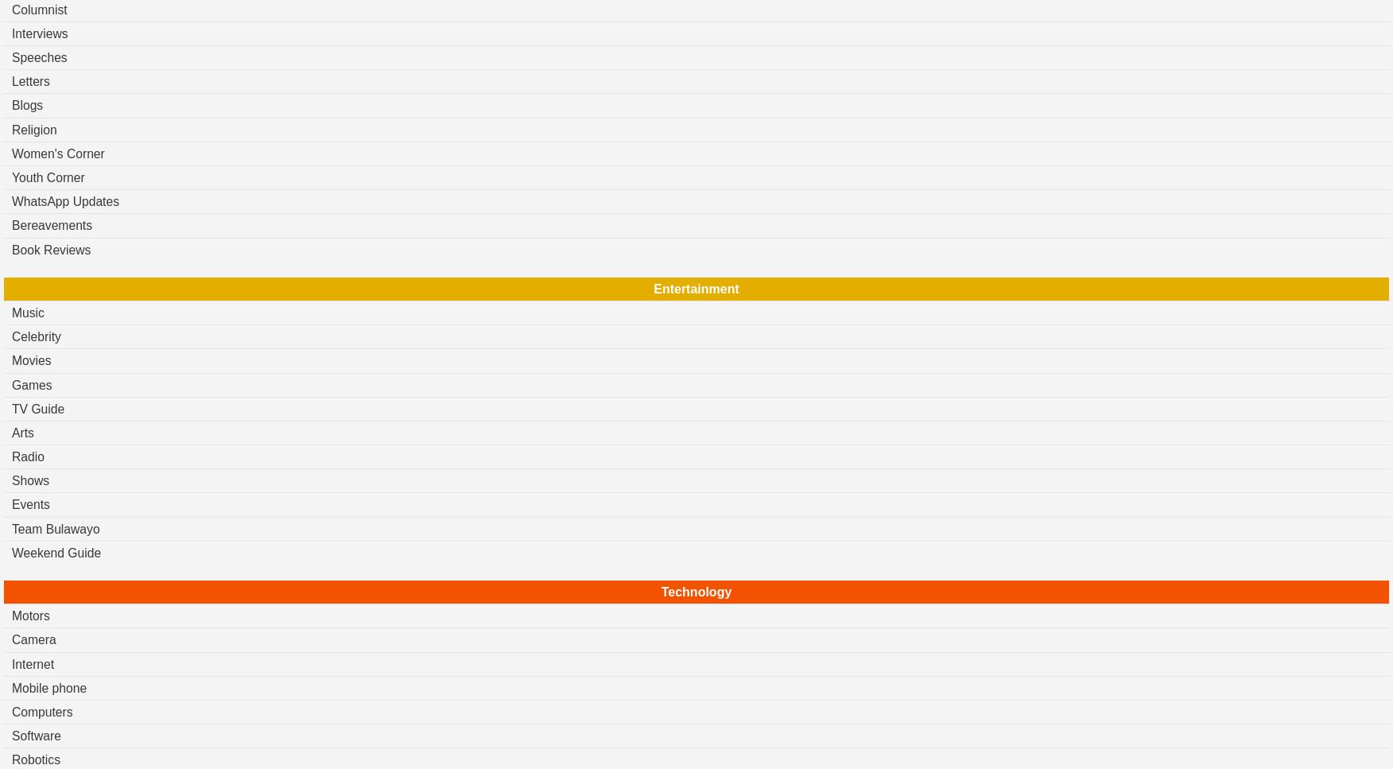 This screenshot has height=769, width=1393. Describe the element at coordinates (39, 9) in the screenshot. I see `'Columnist'` at that location.